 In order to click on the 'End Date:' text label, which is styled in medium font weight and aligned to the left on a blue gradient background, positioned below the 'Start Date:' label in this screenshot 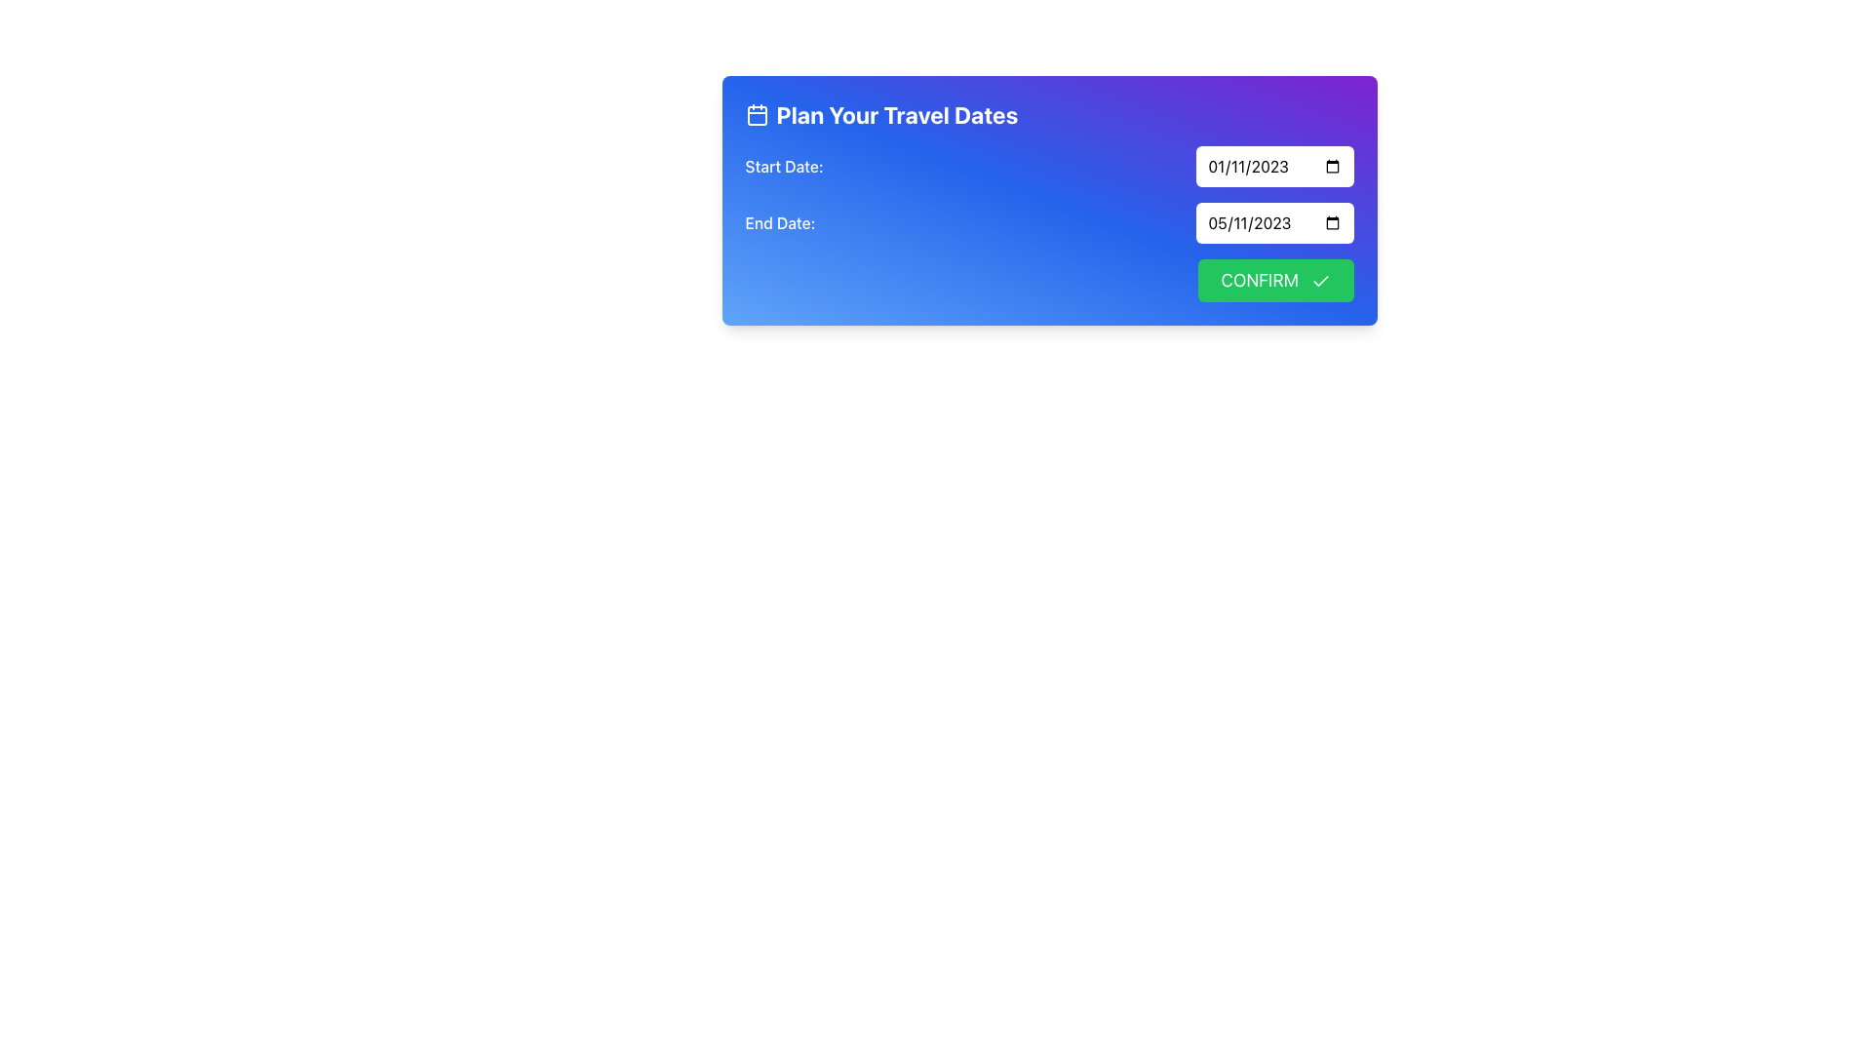, I will do `click(780, 221)`.